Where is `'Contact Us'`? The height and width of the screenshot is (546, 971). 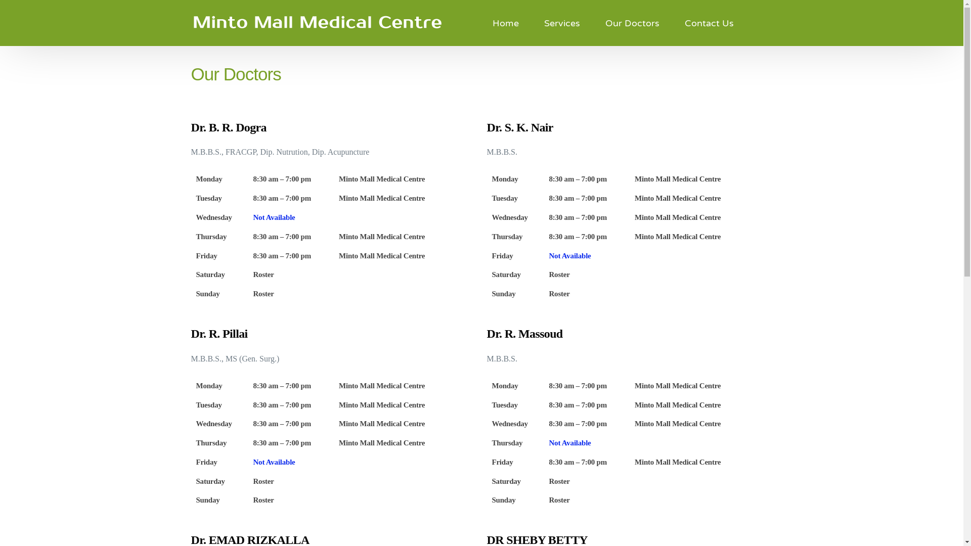
'Contact Us' is located at coordinates (672, 23).